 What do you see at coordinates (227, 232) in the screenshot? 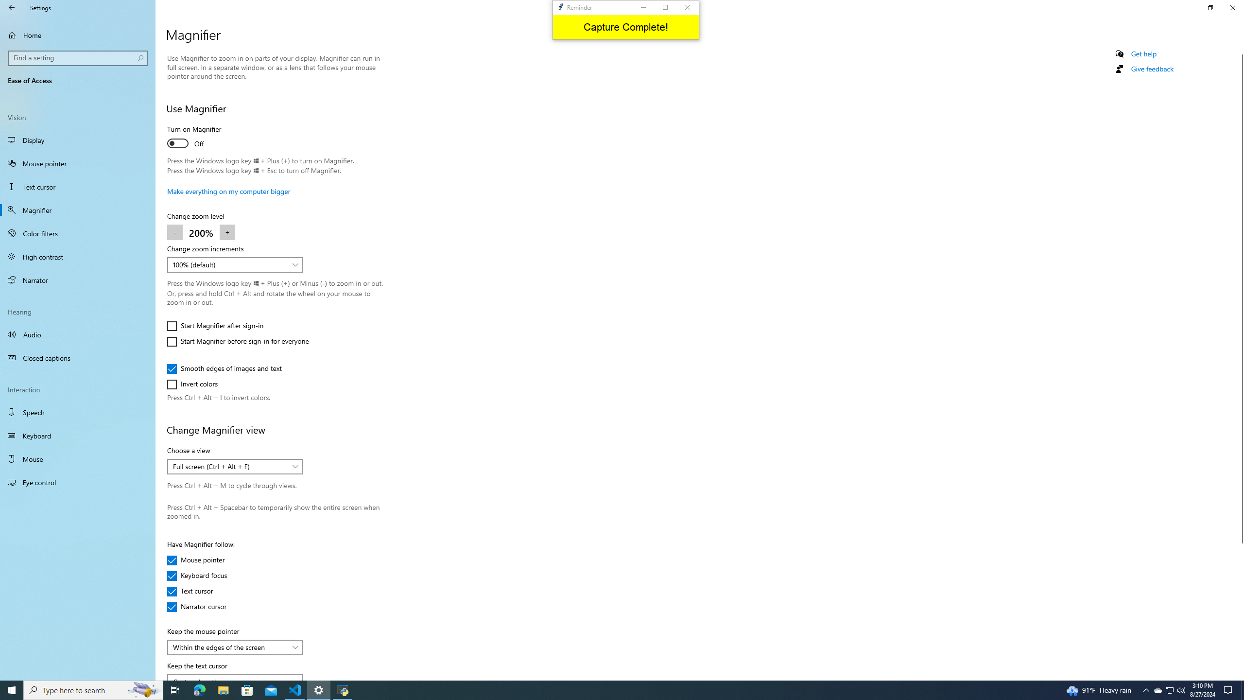
I see `'Zoom in'` at bounding box center [227, 232].